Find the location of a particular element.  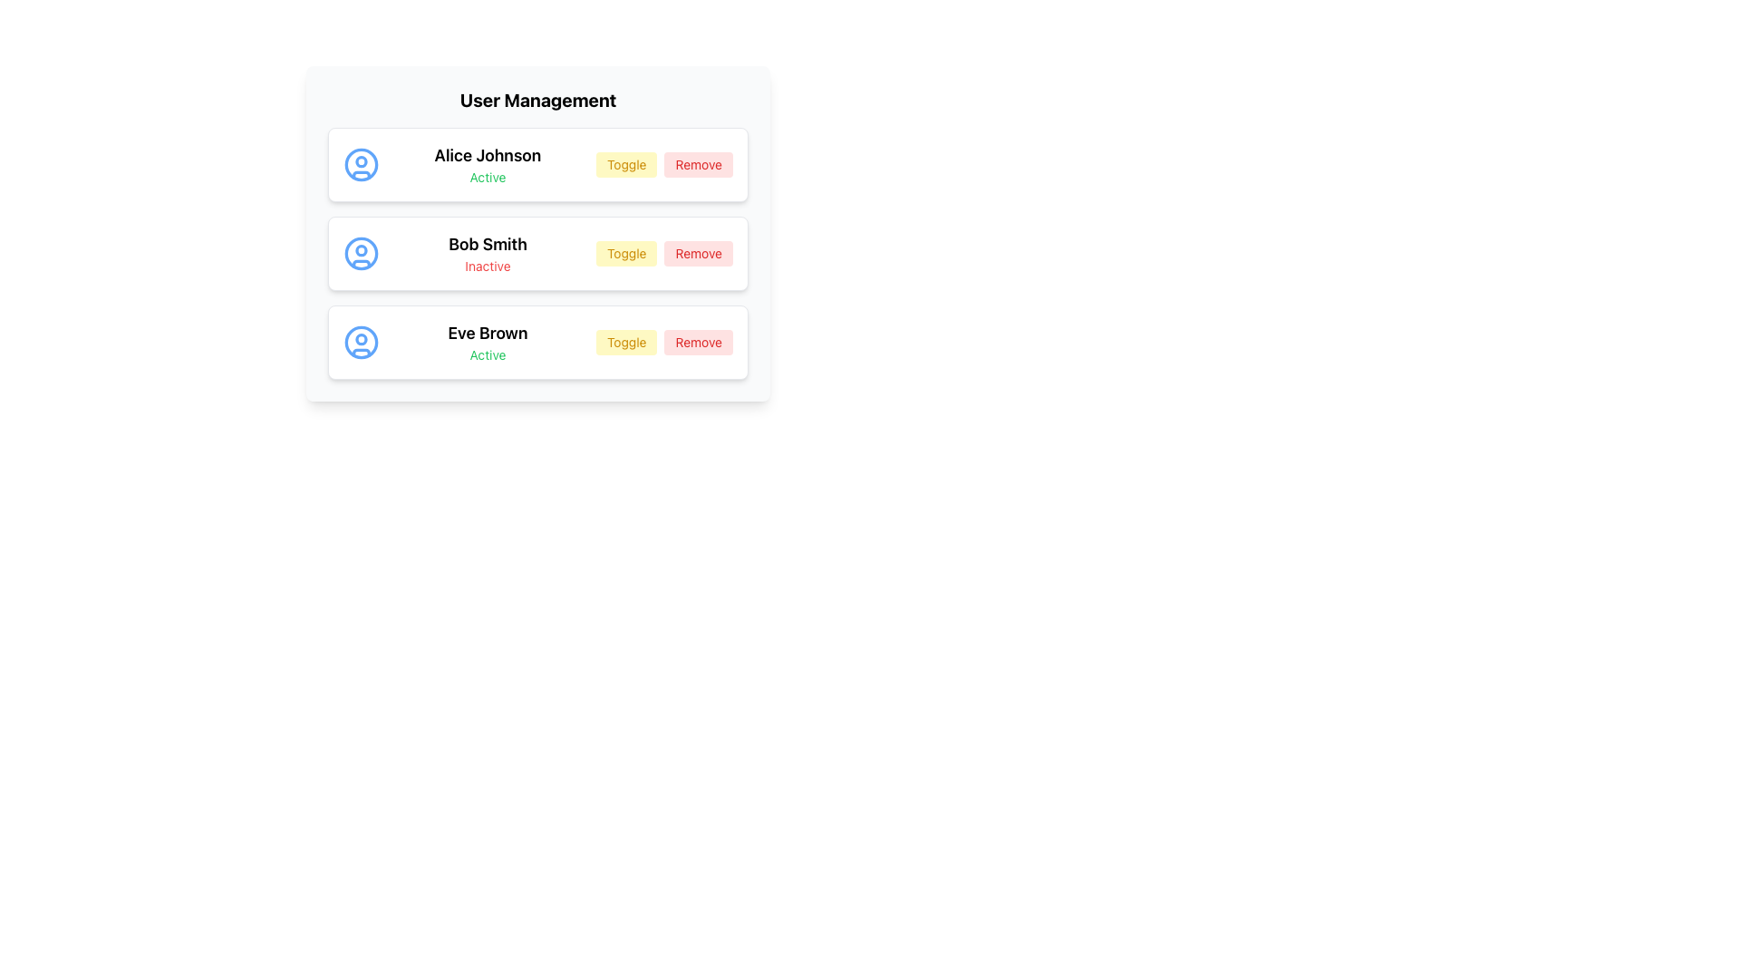

the circular user icon styled in light blue located at the top-left corner of the 'Eve Brown' user card is located at coordinates (361, 343).